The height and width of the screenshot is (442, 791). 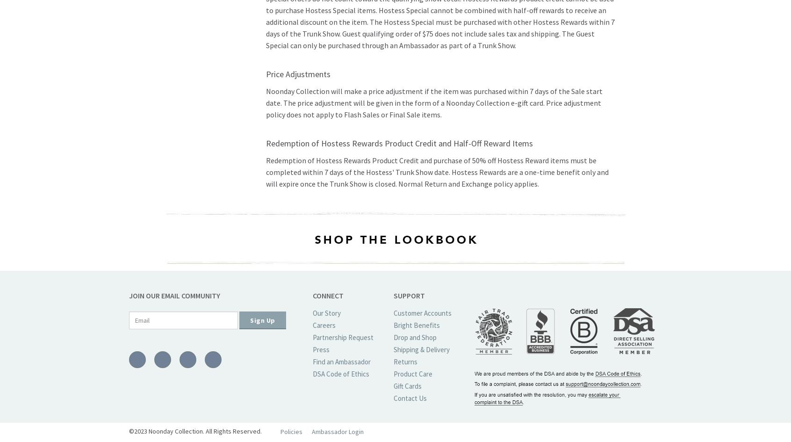 What do you see at coordinates (291, 431) in the screenshot?
I see `'Policies'` at bounding box center [291, 431].